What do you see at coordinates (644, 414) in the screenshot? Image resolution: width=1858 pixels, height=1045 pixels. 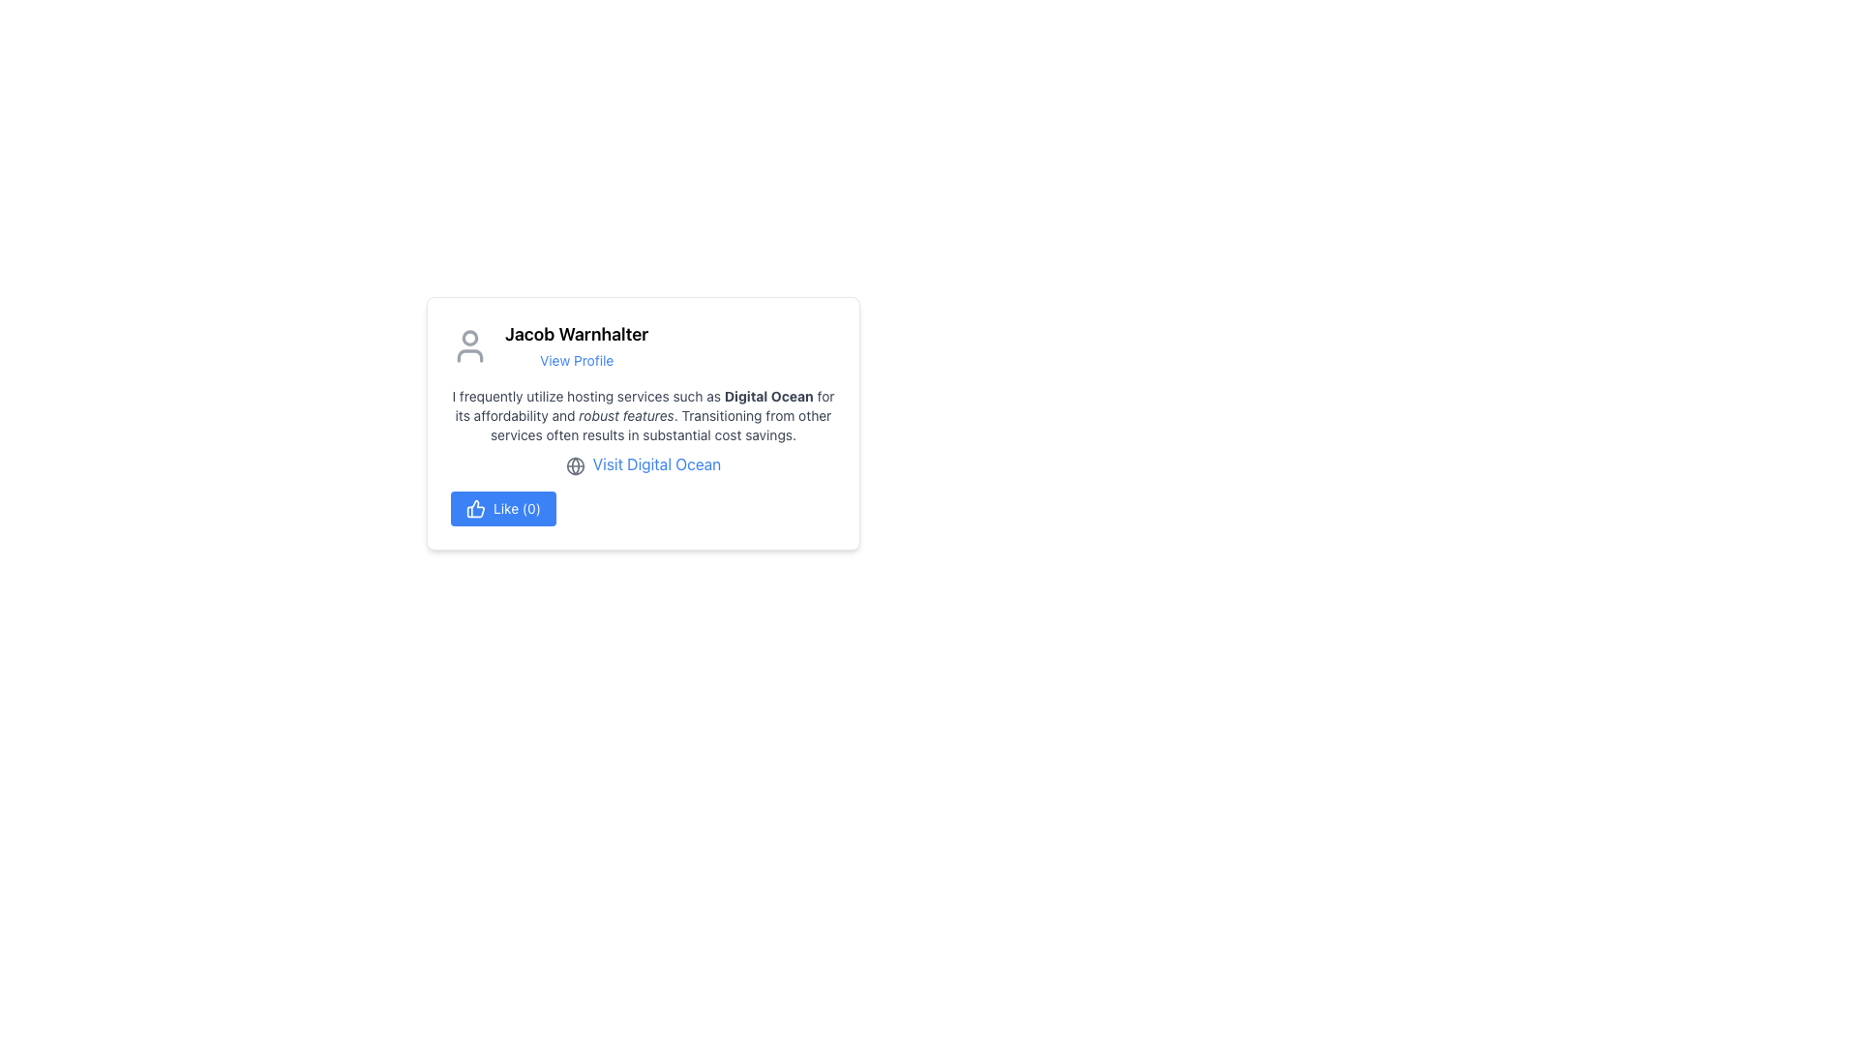 I see `the testimonial text content within the white, rounded-corner card that describes personal hosting services, associated with Jacob Warnhalter's profile` at bounding box center [644, 414].